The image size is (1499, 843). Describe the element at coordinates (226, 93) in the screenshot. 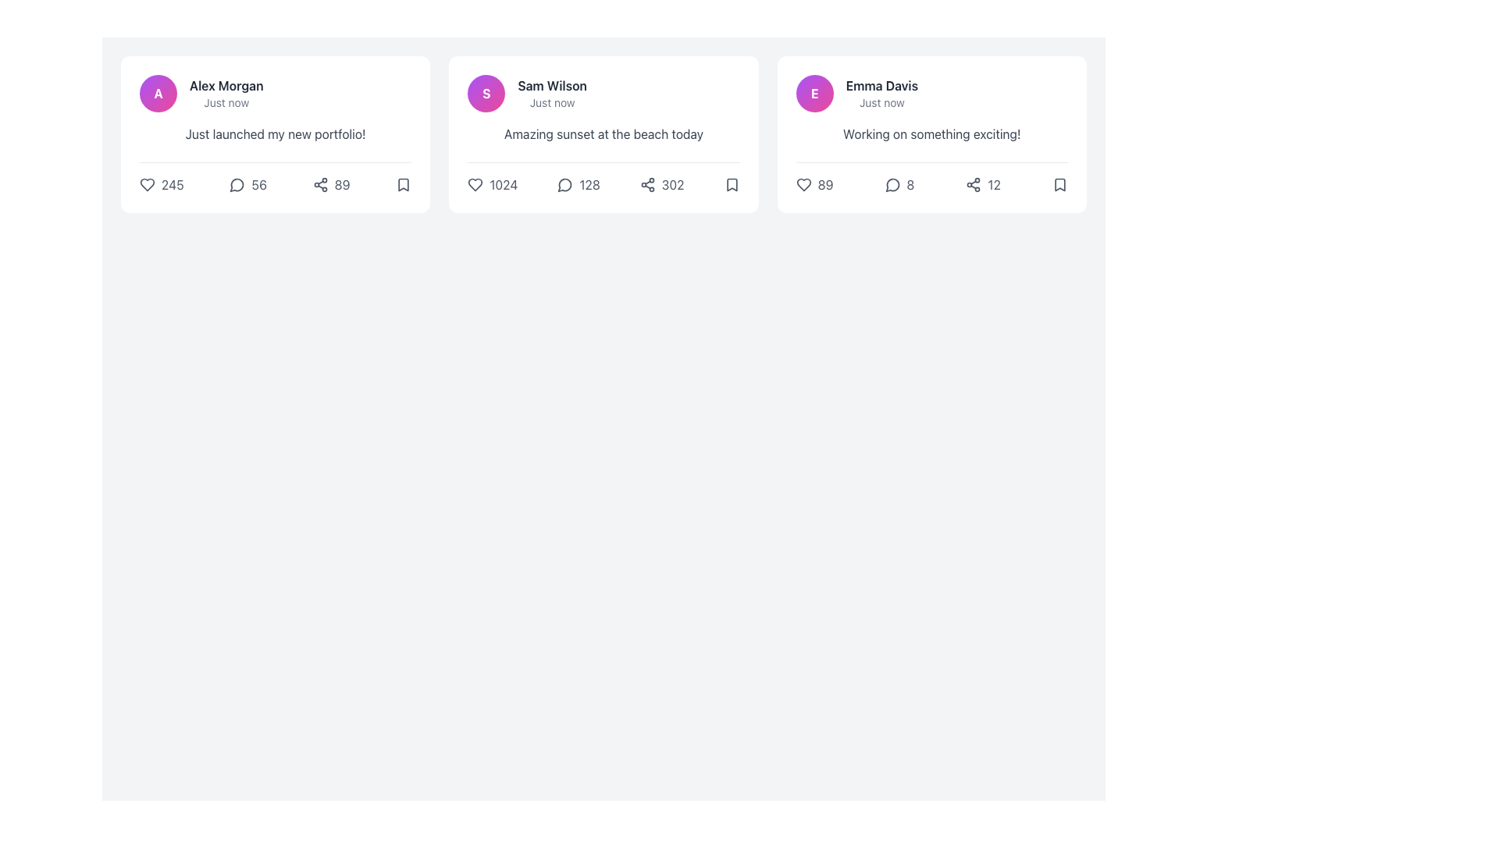

I see `the Text display element that shows a name in bold and a timestamp in smaller text, located at the topmost area of the card on the leftmost side of a row of cards` at that location.